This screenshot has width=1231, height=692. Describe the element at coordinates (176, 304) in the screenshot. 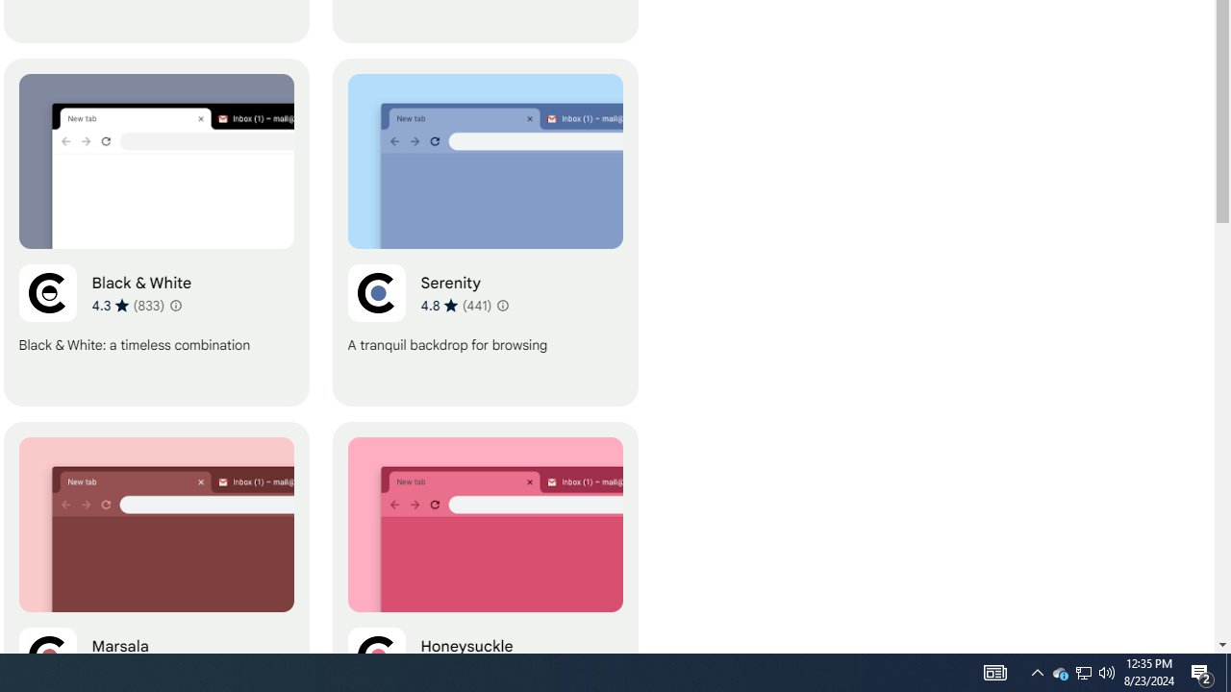

I see `'Learn more about results and reviews "Black & White"'` at that location.